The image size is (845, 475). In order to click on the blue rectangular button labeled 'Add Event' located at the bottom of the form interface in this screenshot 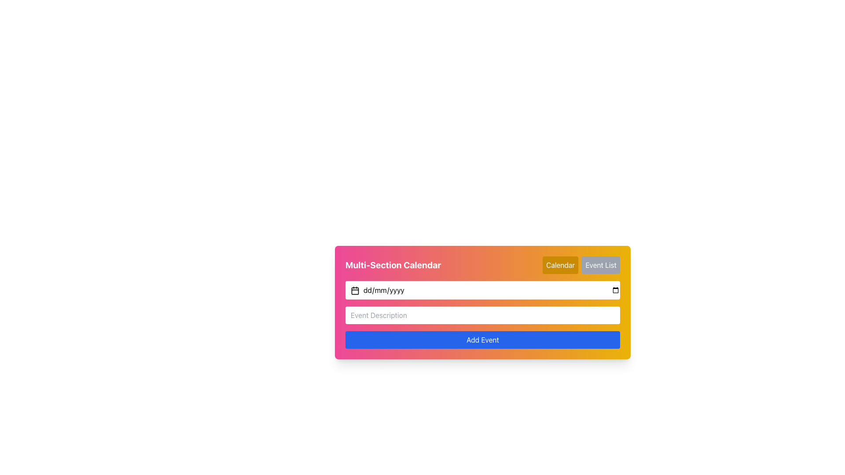, I will do `click(482, 339)`.